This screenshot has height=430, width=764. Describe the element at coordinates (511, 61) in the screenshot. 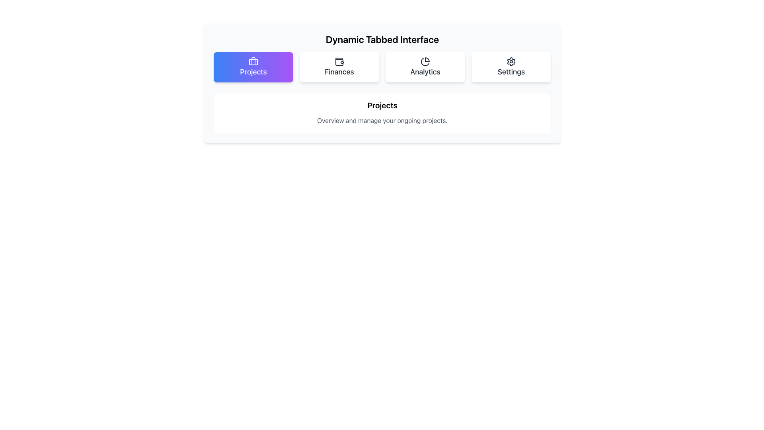

I see `the 'Settings' icon, which is located in the top right corner of the interface tab group and is positioned above the text 'Settings'` at that location.